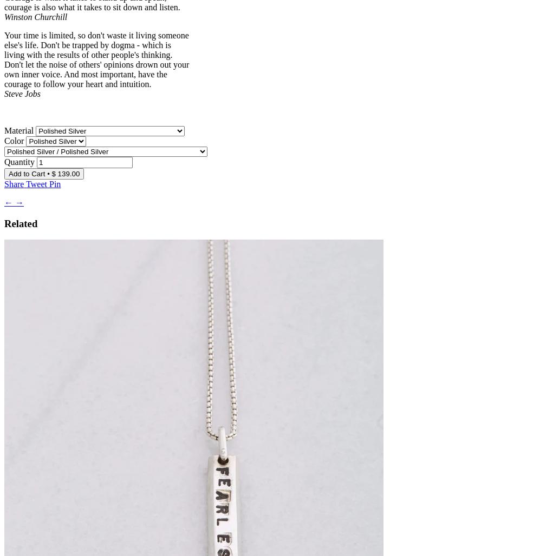 The image size is (559, 556). I want to click on 'Material', so click(4, 129).